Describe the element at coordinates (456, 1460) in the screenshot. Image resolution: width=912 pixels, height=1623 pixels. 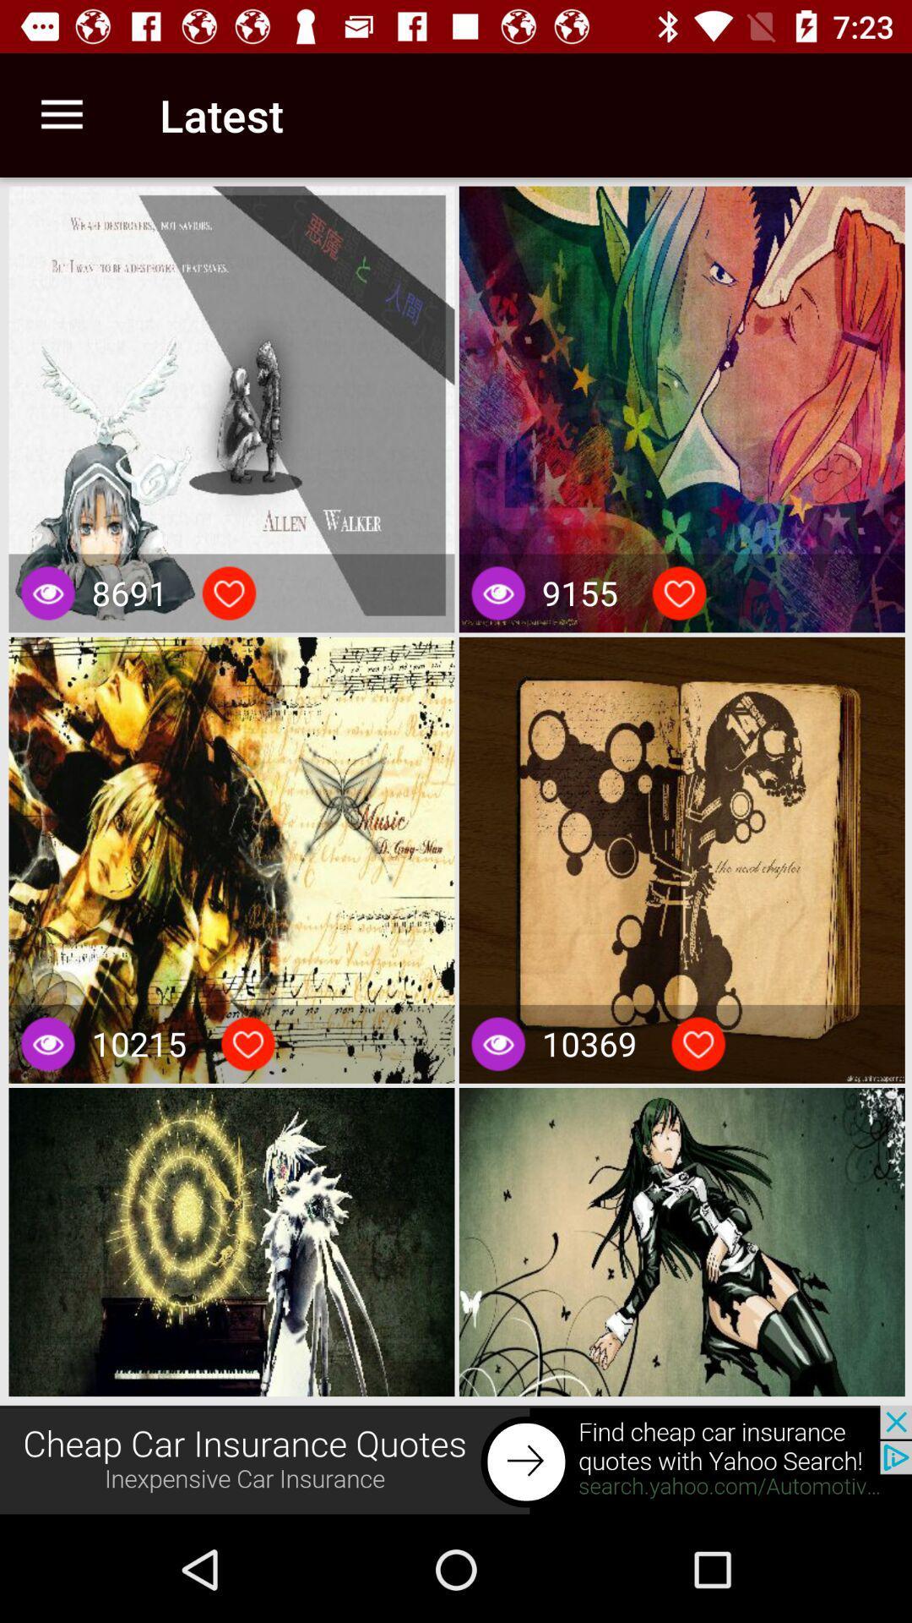
I see `open advertisement` at that location.